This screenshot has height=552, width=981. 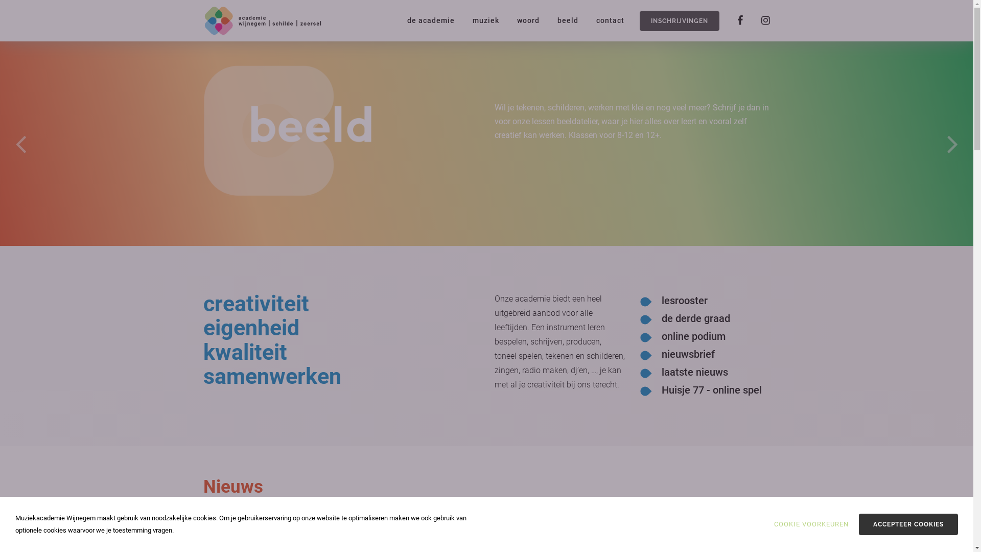 What do you see at coordinates (687, 354) in the screenshot?
I see `'nieuwsbrief'` at bounding box center [687, 354].